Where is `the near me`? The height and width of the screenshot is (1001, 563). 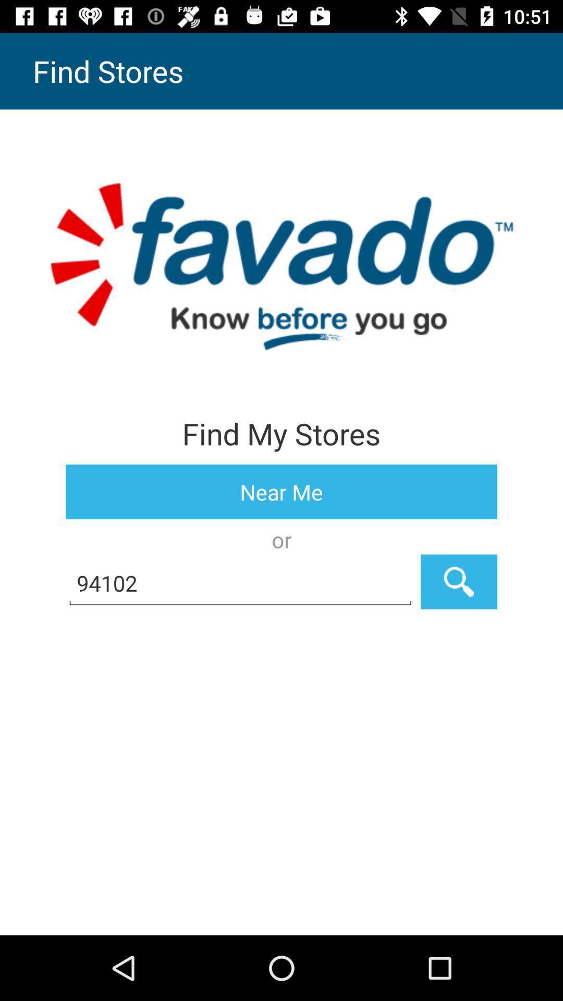 the near me is located at coordinates (281, 491).